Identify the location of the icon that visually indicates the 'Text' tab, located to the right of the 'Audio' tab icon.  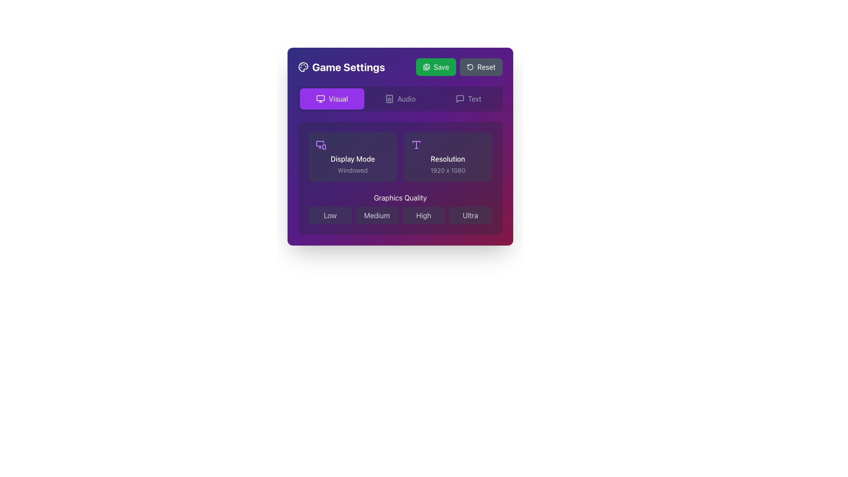
(459, 98).